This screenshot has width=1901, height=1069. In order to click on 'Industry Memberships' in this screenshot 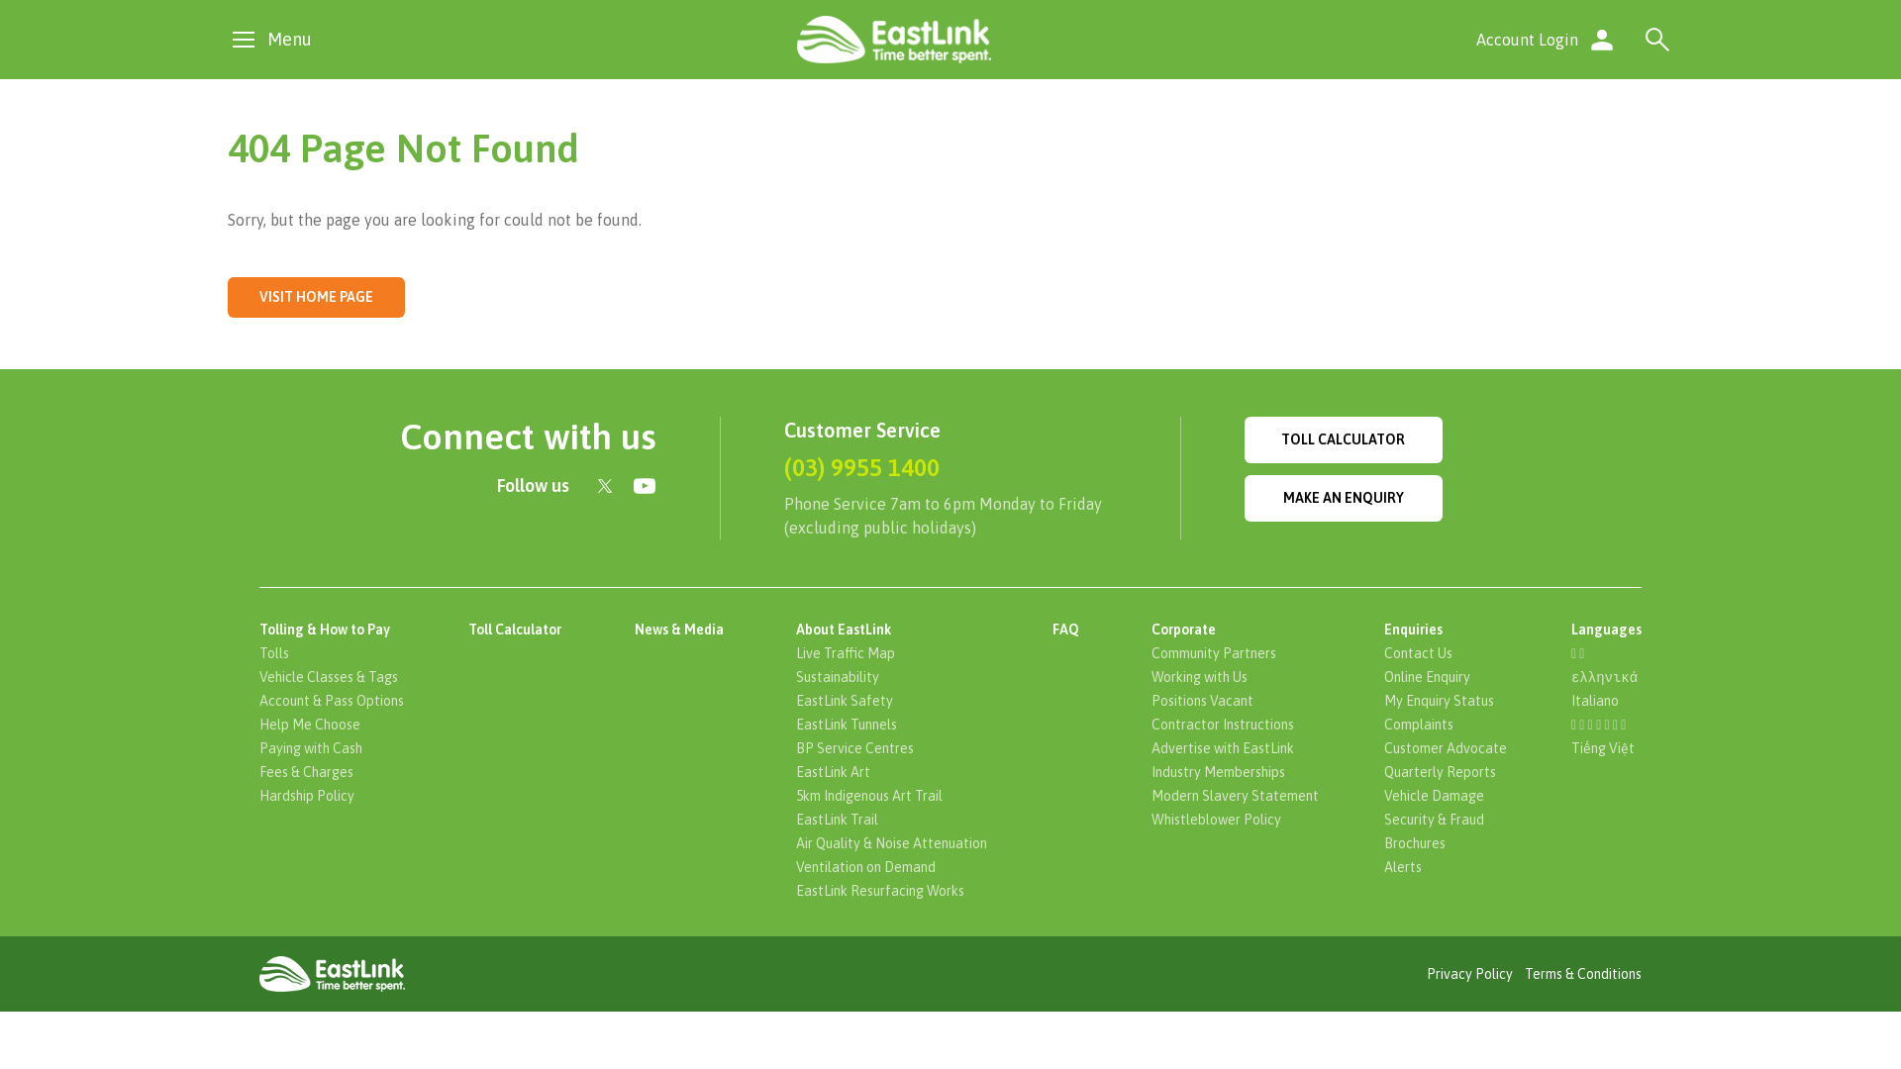, I will do `click(1225, 770)`.